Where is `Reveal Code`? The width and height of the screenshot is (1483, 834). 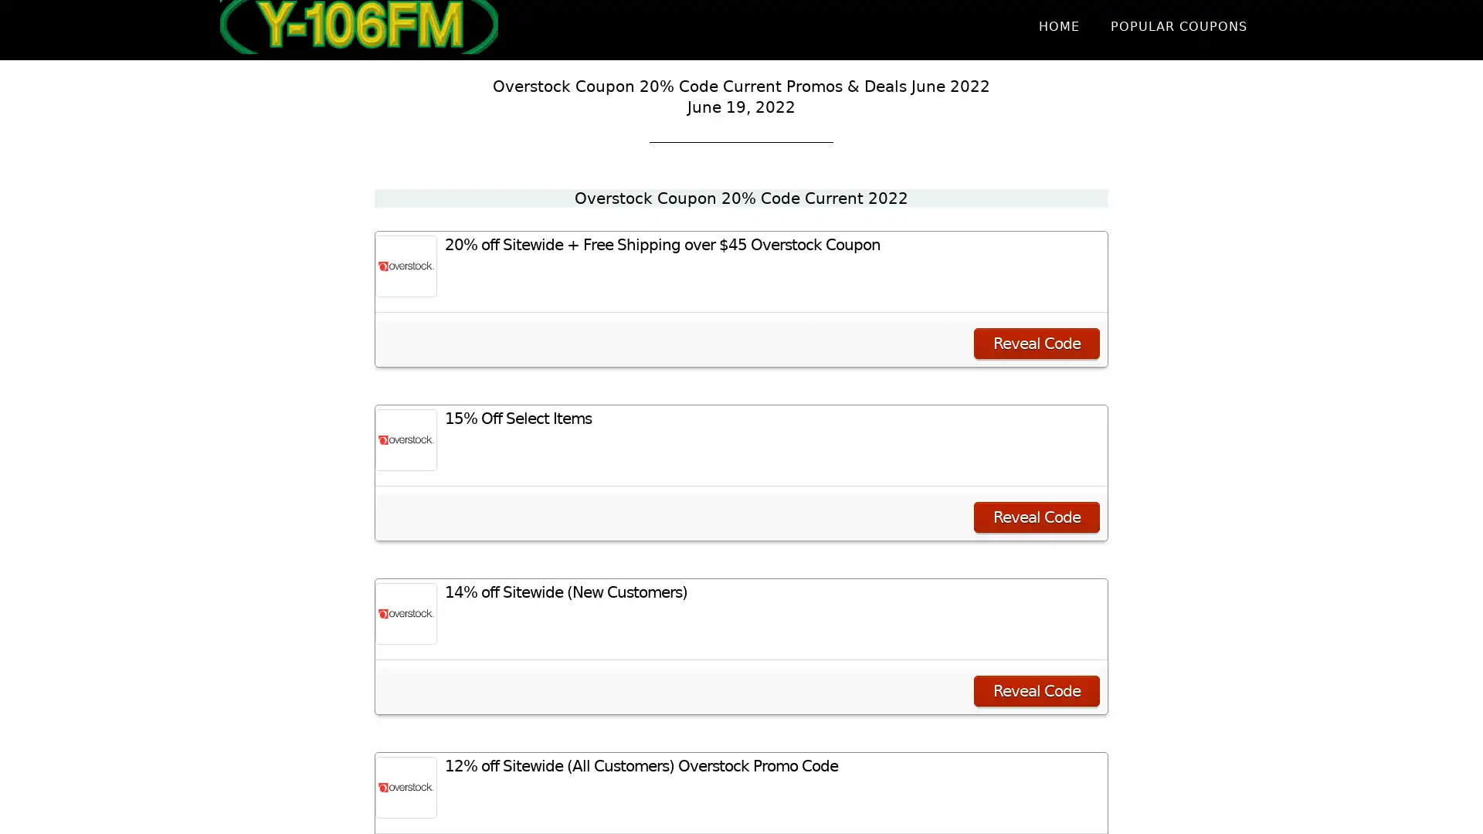 Reveal Code is located at coordinates (1037, 342).